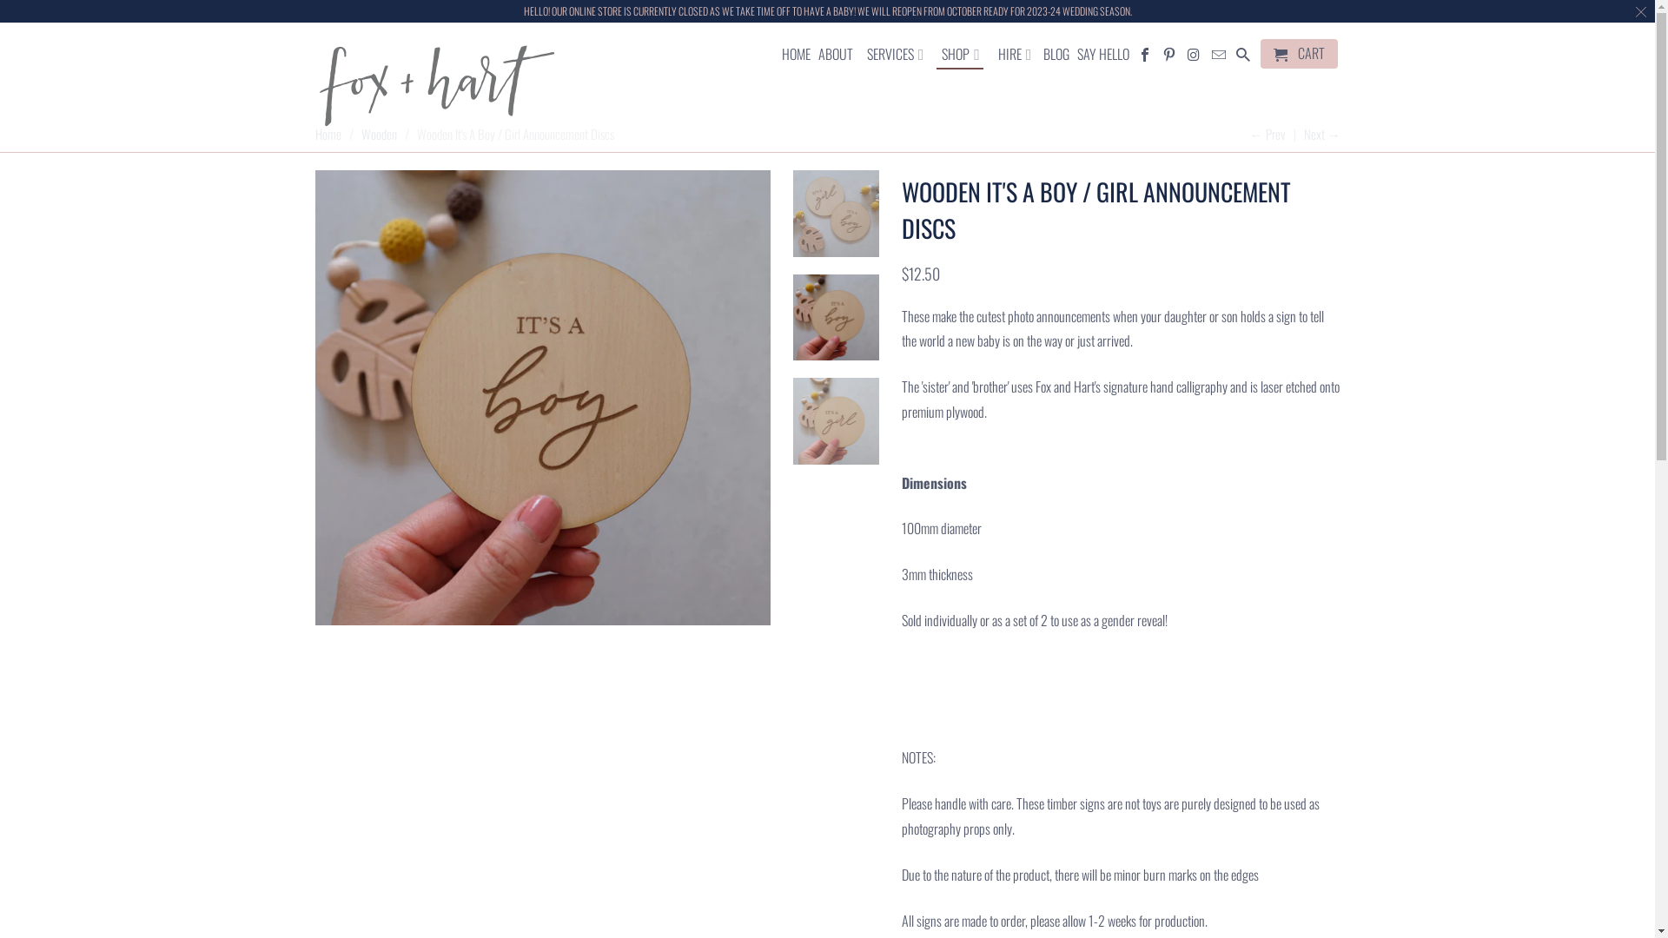 The width and height of the screenshot is (1668, 938). I want to click on 'Fox and Hart on Pinterest', so click(1170, 56).